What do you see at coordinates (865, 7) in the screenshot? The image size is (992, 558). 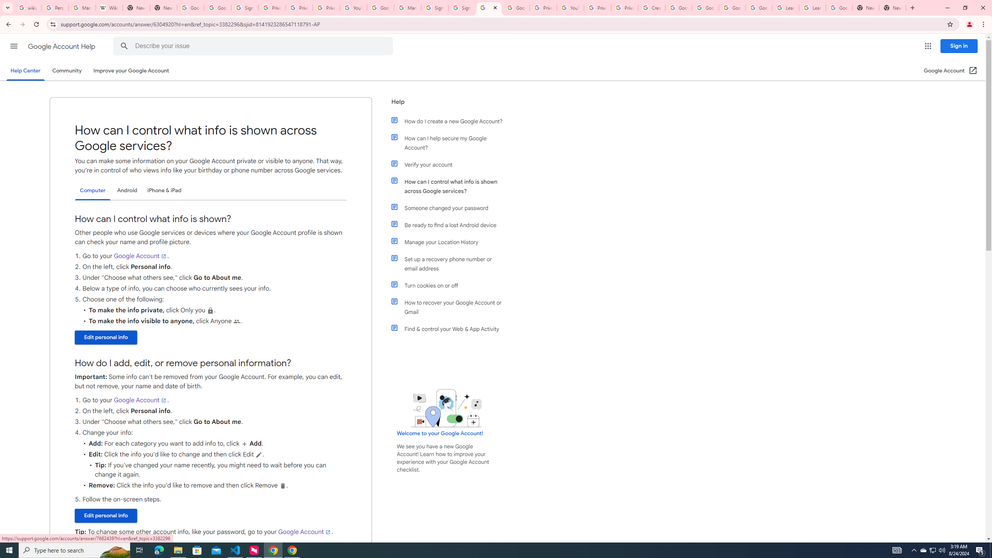 I see `'New Tab'` at bounding box center [865, 7].